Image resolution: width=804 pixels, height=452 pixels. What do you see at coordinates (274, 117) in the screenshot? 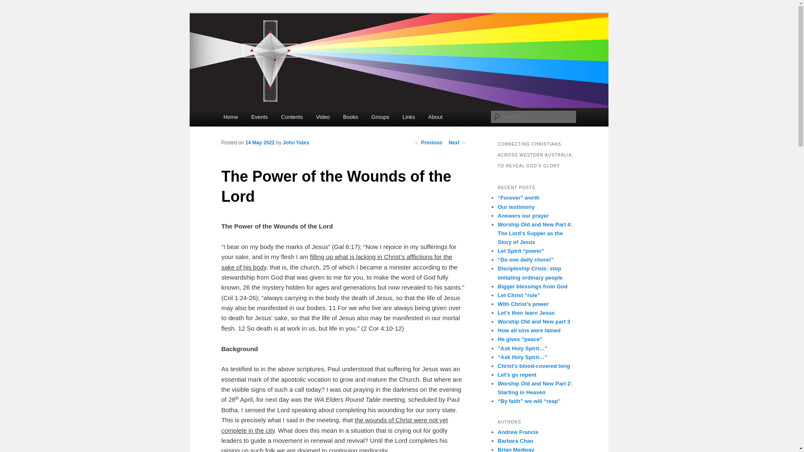
I see `'Contents'` at bounding box center [274, 117].